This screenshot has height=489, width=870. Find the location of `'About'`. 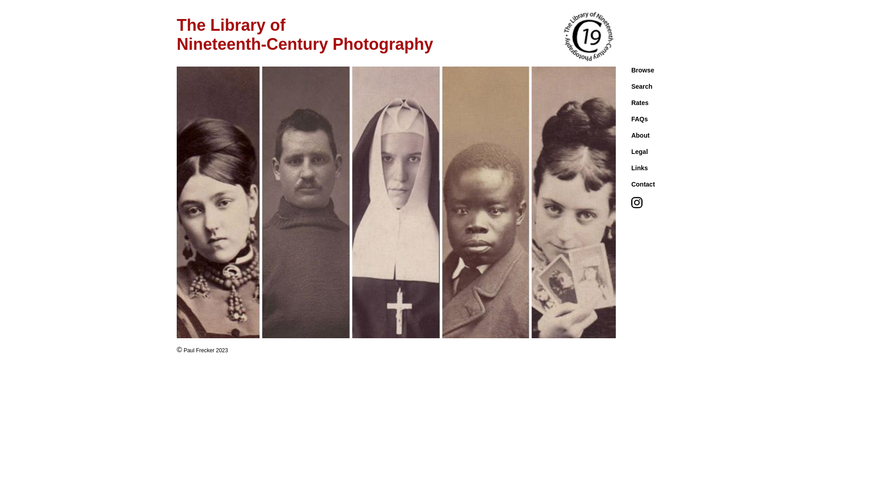

'About' is located at coordinates (639, 135).